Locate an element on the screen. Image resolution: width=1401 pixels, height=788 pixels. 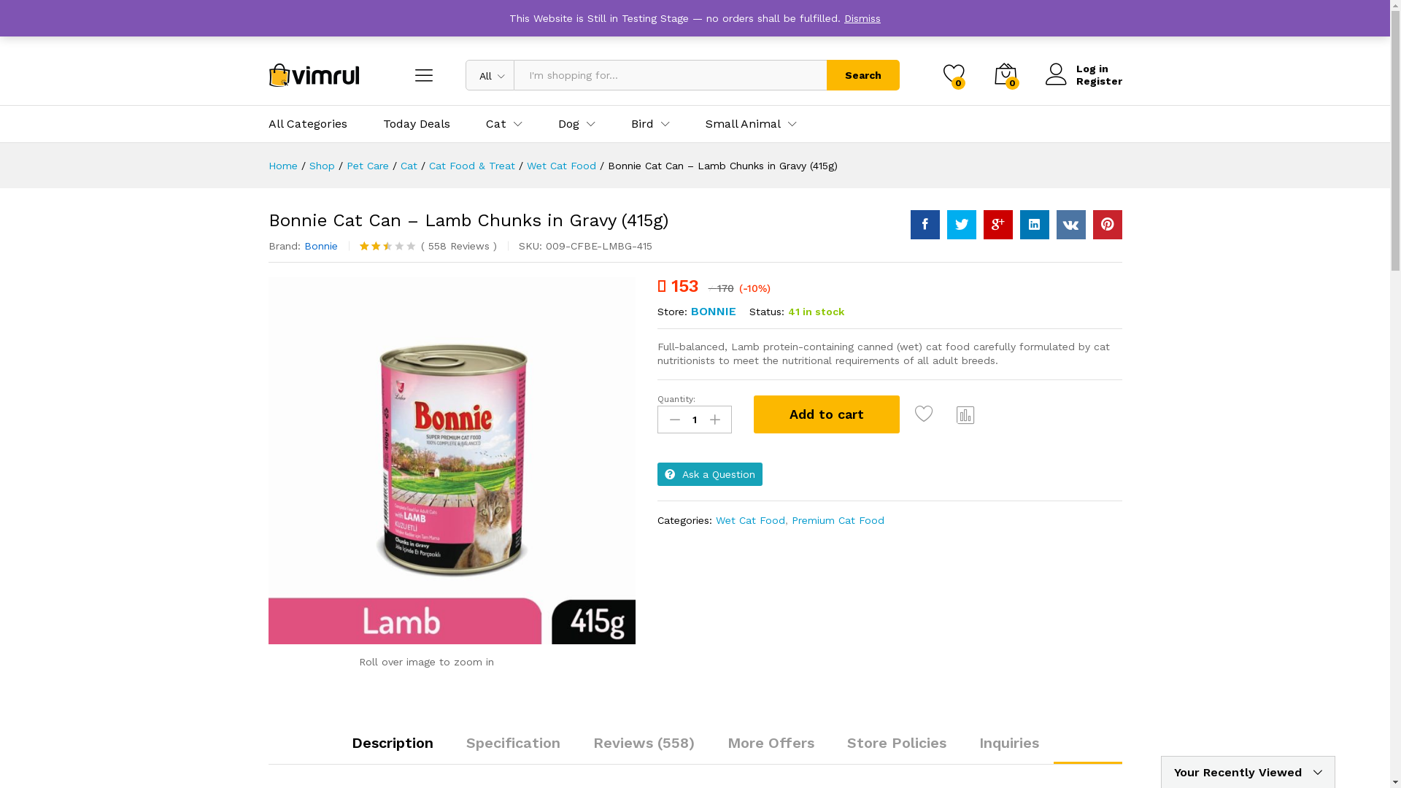
'Description' is located at coordinates (392, 743).